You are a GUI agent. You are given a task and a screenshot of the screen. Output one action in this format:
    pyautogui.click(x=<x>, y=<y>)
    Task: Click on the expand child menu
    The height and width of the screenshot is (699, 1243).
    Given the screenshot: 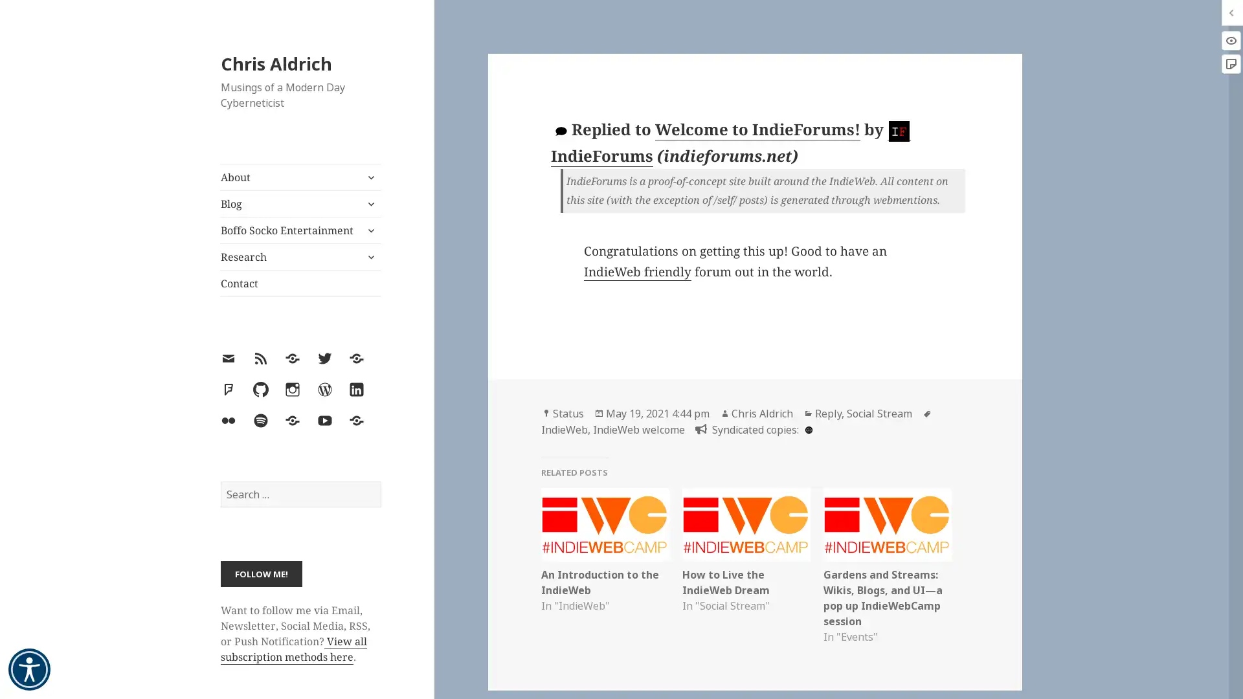 What is the action you would take?
    pyautogui.click(x=369, y=177)
    